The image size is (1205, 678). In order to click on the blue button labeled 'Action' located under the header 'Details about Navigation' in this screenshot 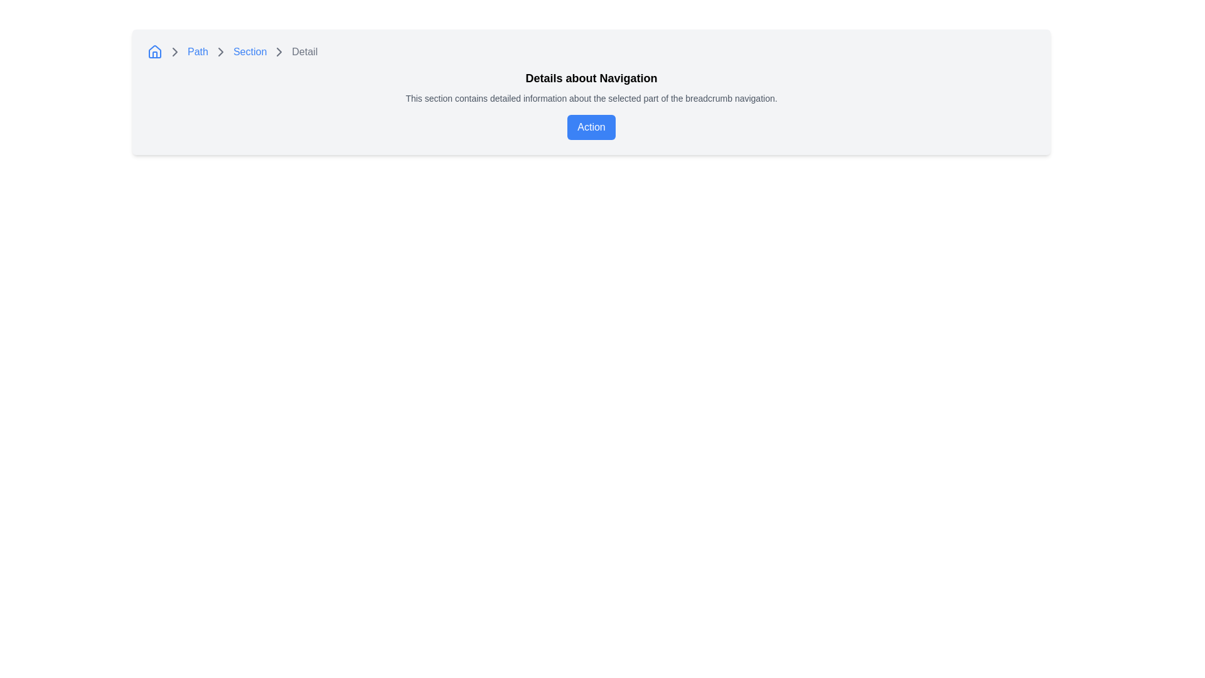, I will do `click(591, 127)`.